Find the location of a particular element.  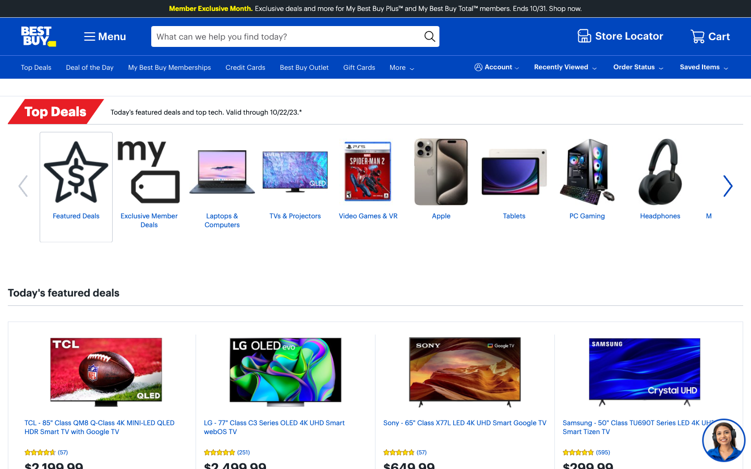

further Top Deals by clicking the right arrow button is located at coordinates (728, 187).